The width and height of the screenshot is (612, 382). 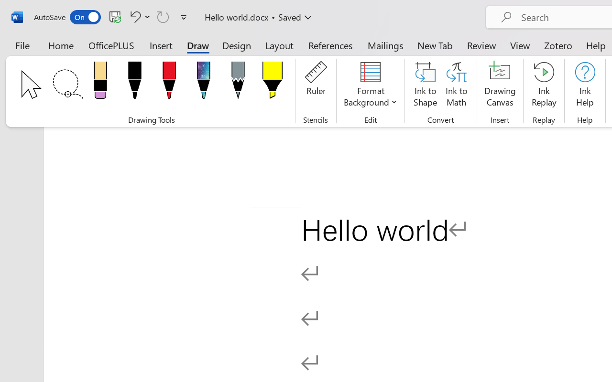 What do you see at coordinates (500, 85) in the screenshot?
I see `'Drawing Canvas'` at bounding box center [500, 85].